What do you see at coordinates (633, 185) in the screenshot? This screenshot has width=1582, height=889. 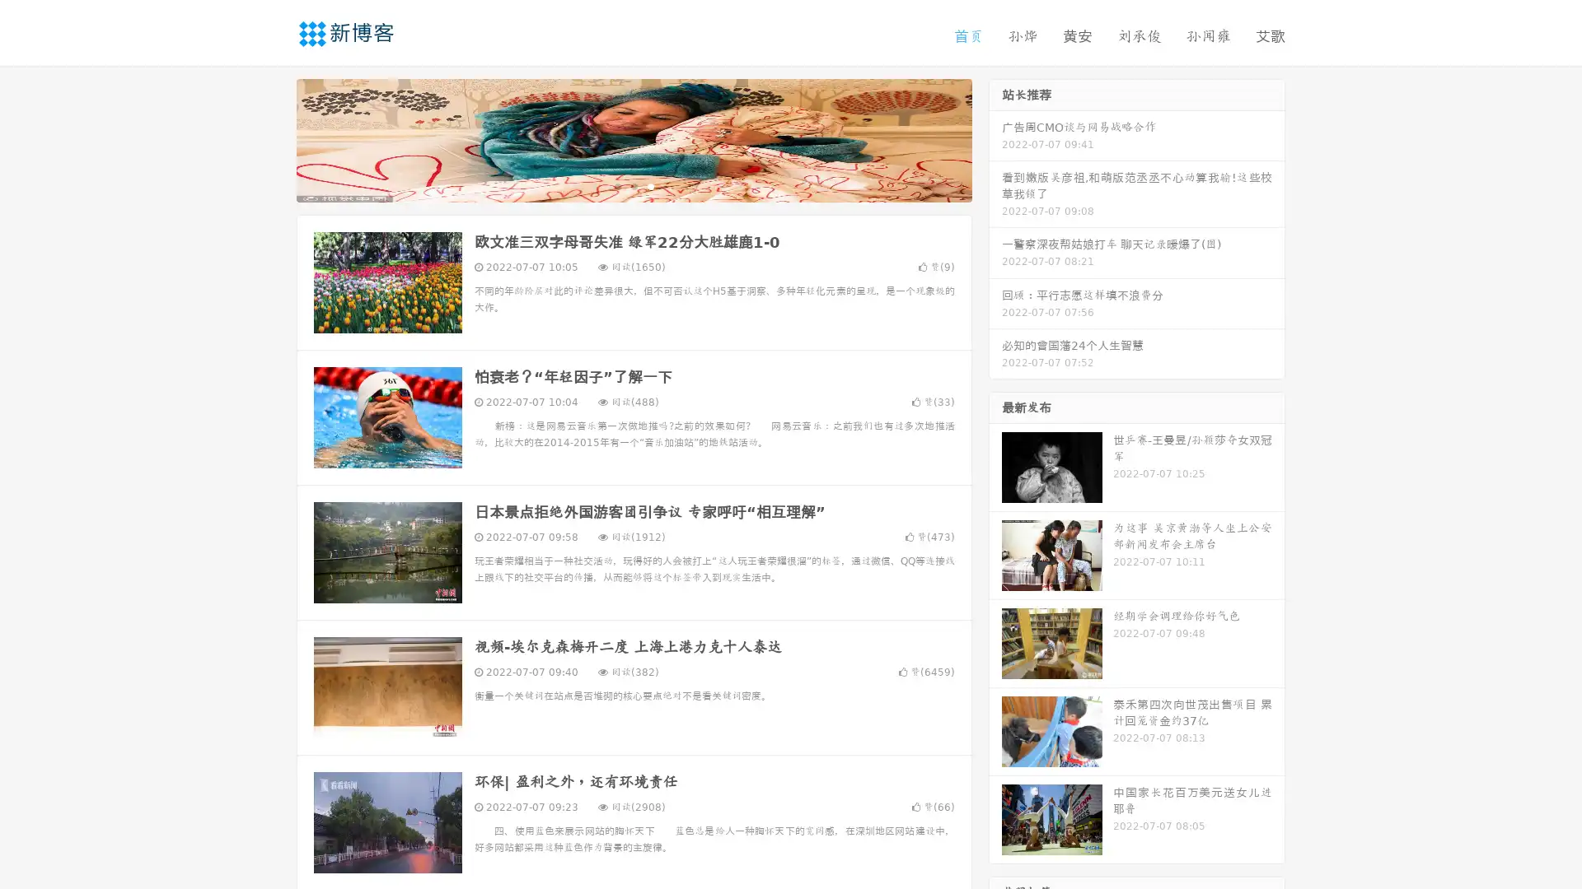 I see `Go to slide 2` at bounding box center [633, 185].